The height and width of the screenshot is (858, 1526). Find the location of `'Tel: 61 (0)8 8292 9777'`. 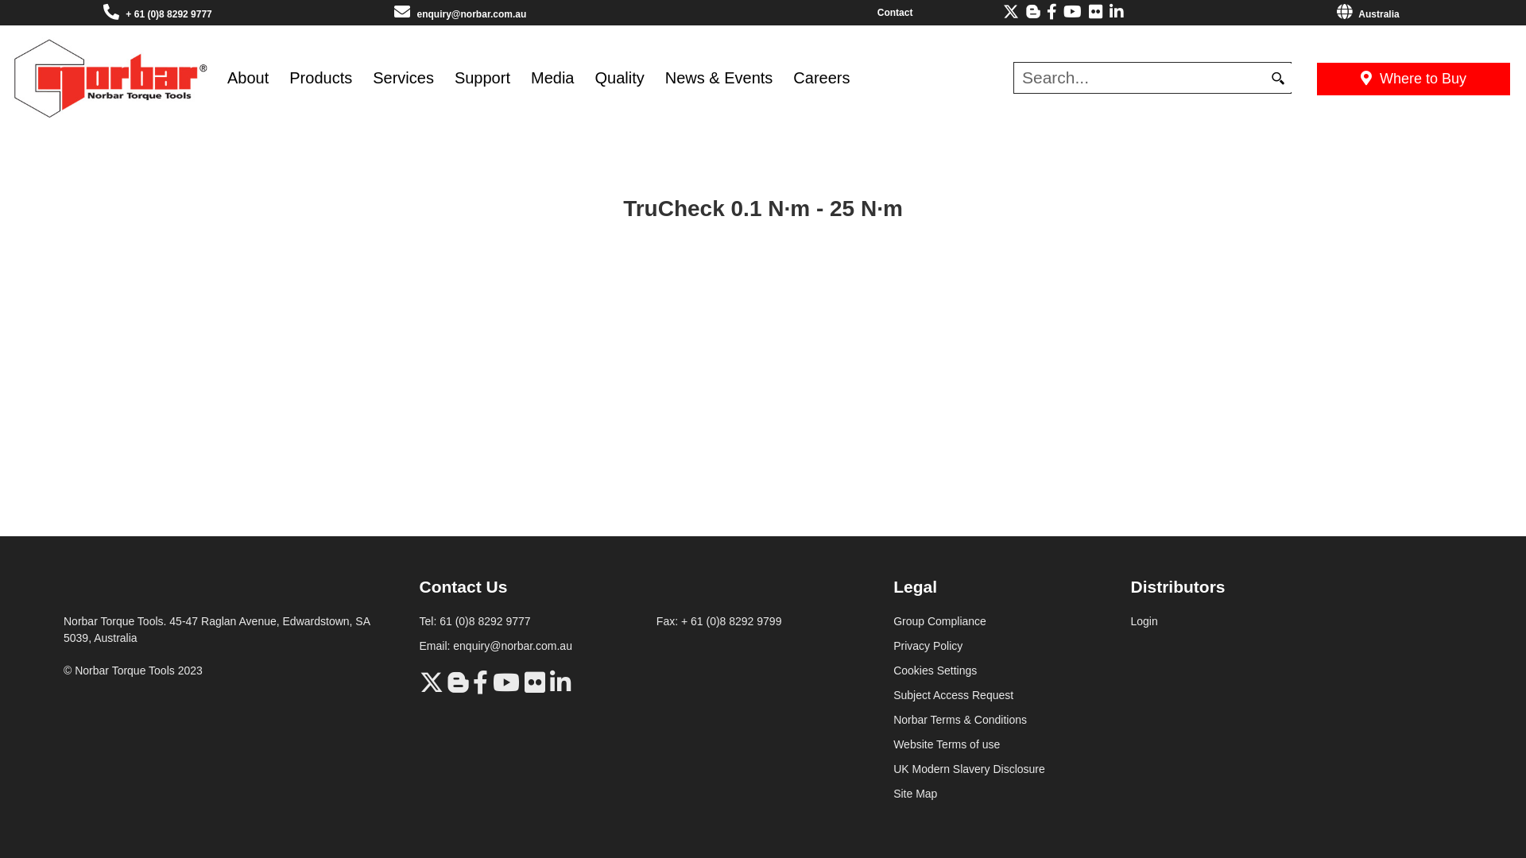

'Tel: 61 (0)8 8292 9777' is located at coordinates (474, 620).